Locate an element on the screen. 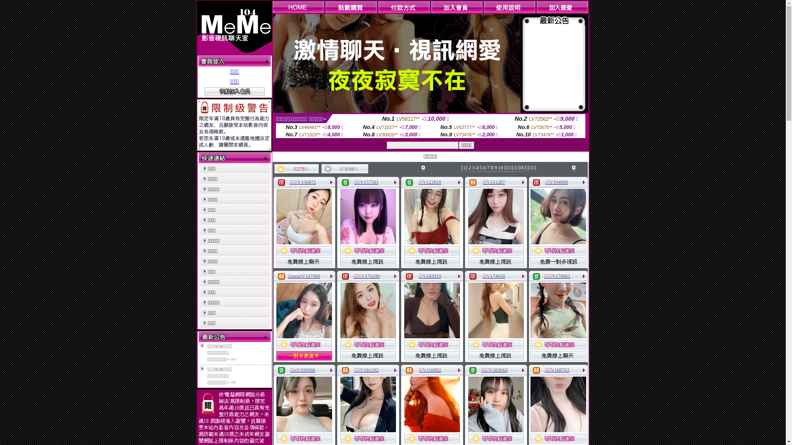  '8' is located at coordinates (492, 167).